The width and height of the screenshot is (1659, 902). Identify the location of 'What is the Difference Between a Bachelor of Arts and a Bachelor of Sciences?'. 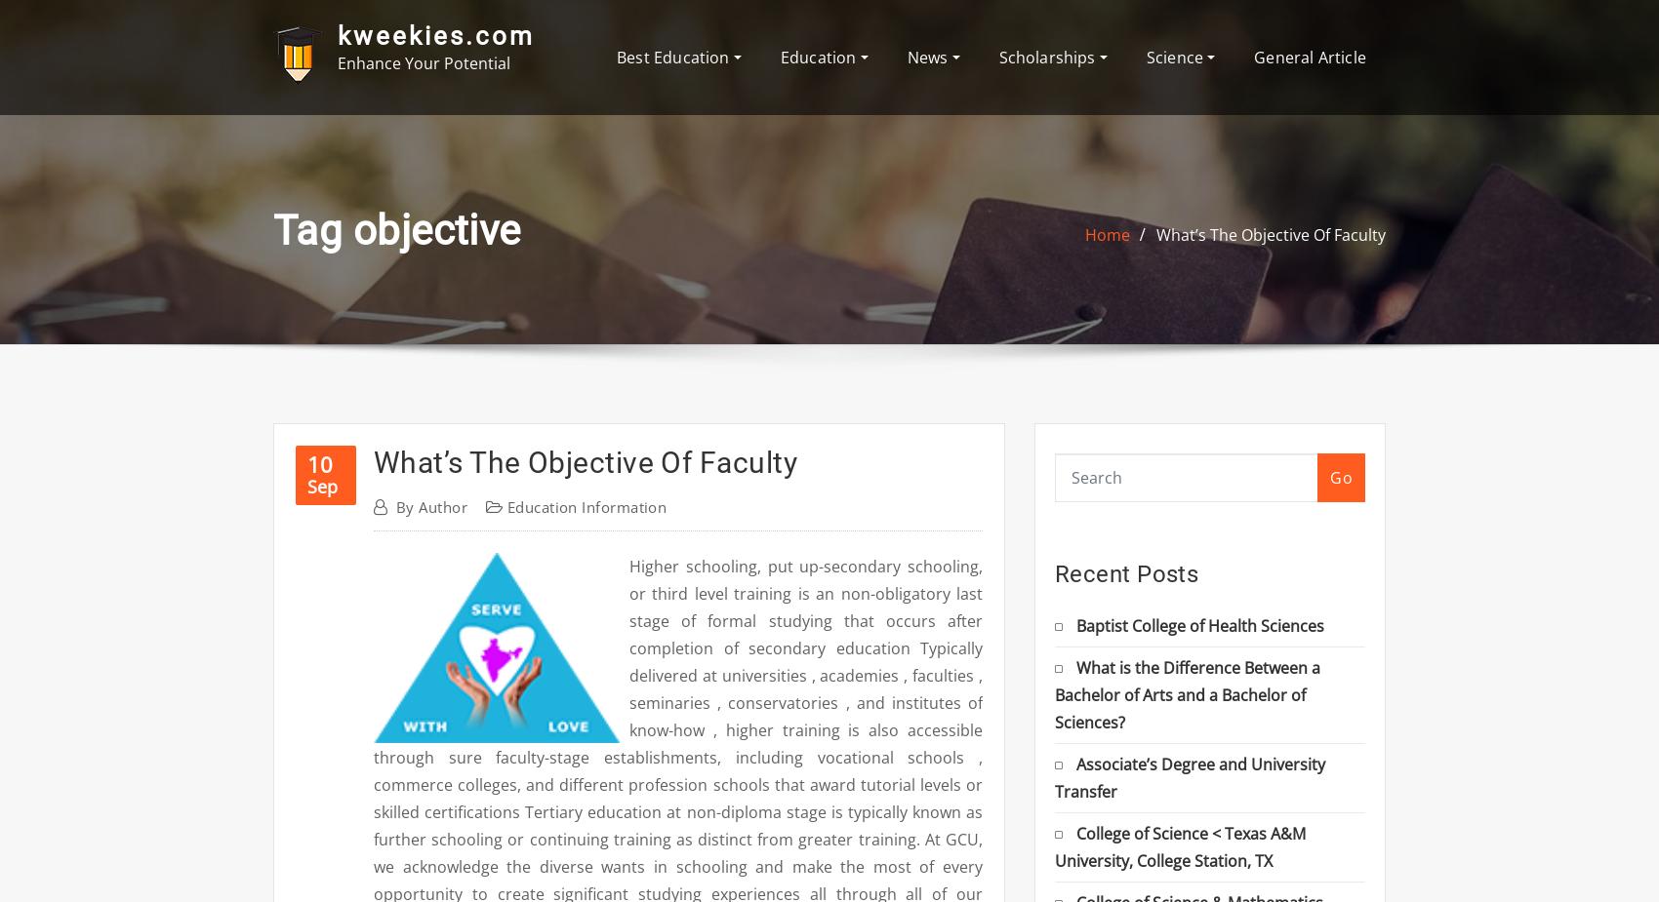
(1187, 693).